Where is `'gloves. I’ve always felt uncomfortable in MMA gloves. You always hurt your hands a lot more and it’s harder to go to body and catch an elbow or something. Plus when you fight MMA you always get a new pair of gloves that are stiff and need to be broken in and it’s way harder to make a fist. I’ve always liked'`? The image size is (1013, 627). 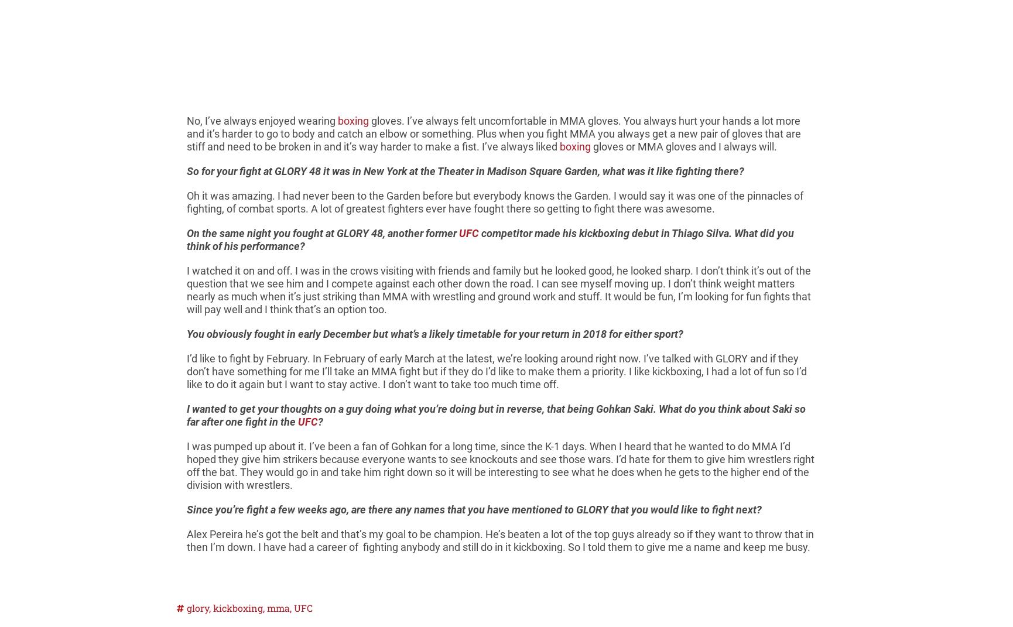 'gloves. I’ve always felt uncomfortable in MMA gloves. You always hurt your hands a lot more and it’s harder to go to body and catch an elbow or something. Plus when you fight MMA you always get a new pair of gloves that are stiff and need to be broken in and it’s way harder to make a fist. I’ve always liked' is located at coordinates (493, 133).